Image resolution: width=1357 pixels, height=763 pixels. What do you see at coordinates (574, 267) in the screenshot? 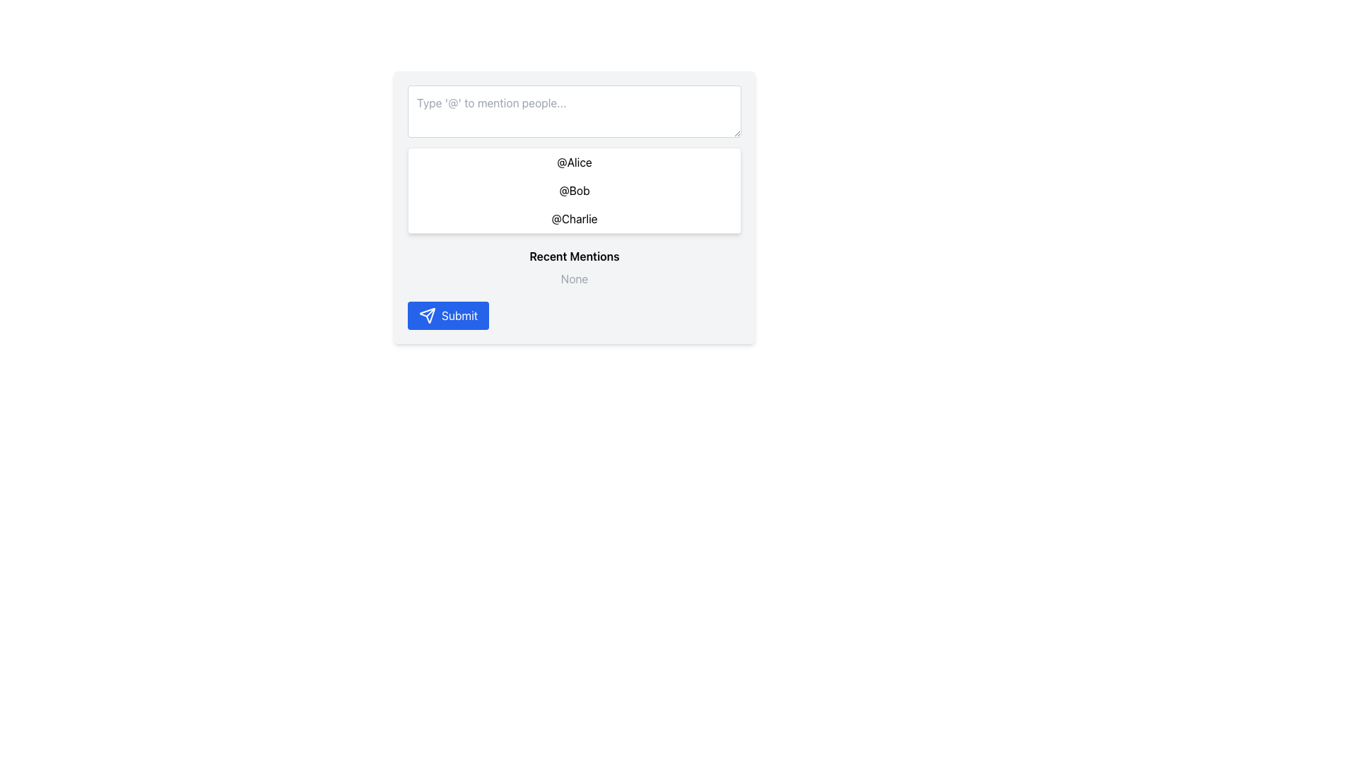
I see `static text label displaying recent mentions, which currently shows 'None', located below the '@Alice', '@Bob', and '@Charlie' section and above the 'Submit' button` at bounding box center [574, 267].